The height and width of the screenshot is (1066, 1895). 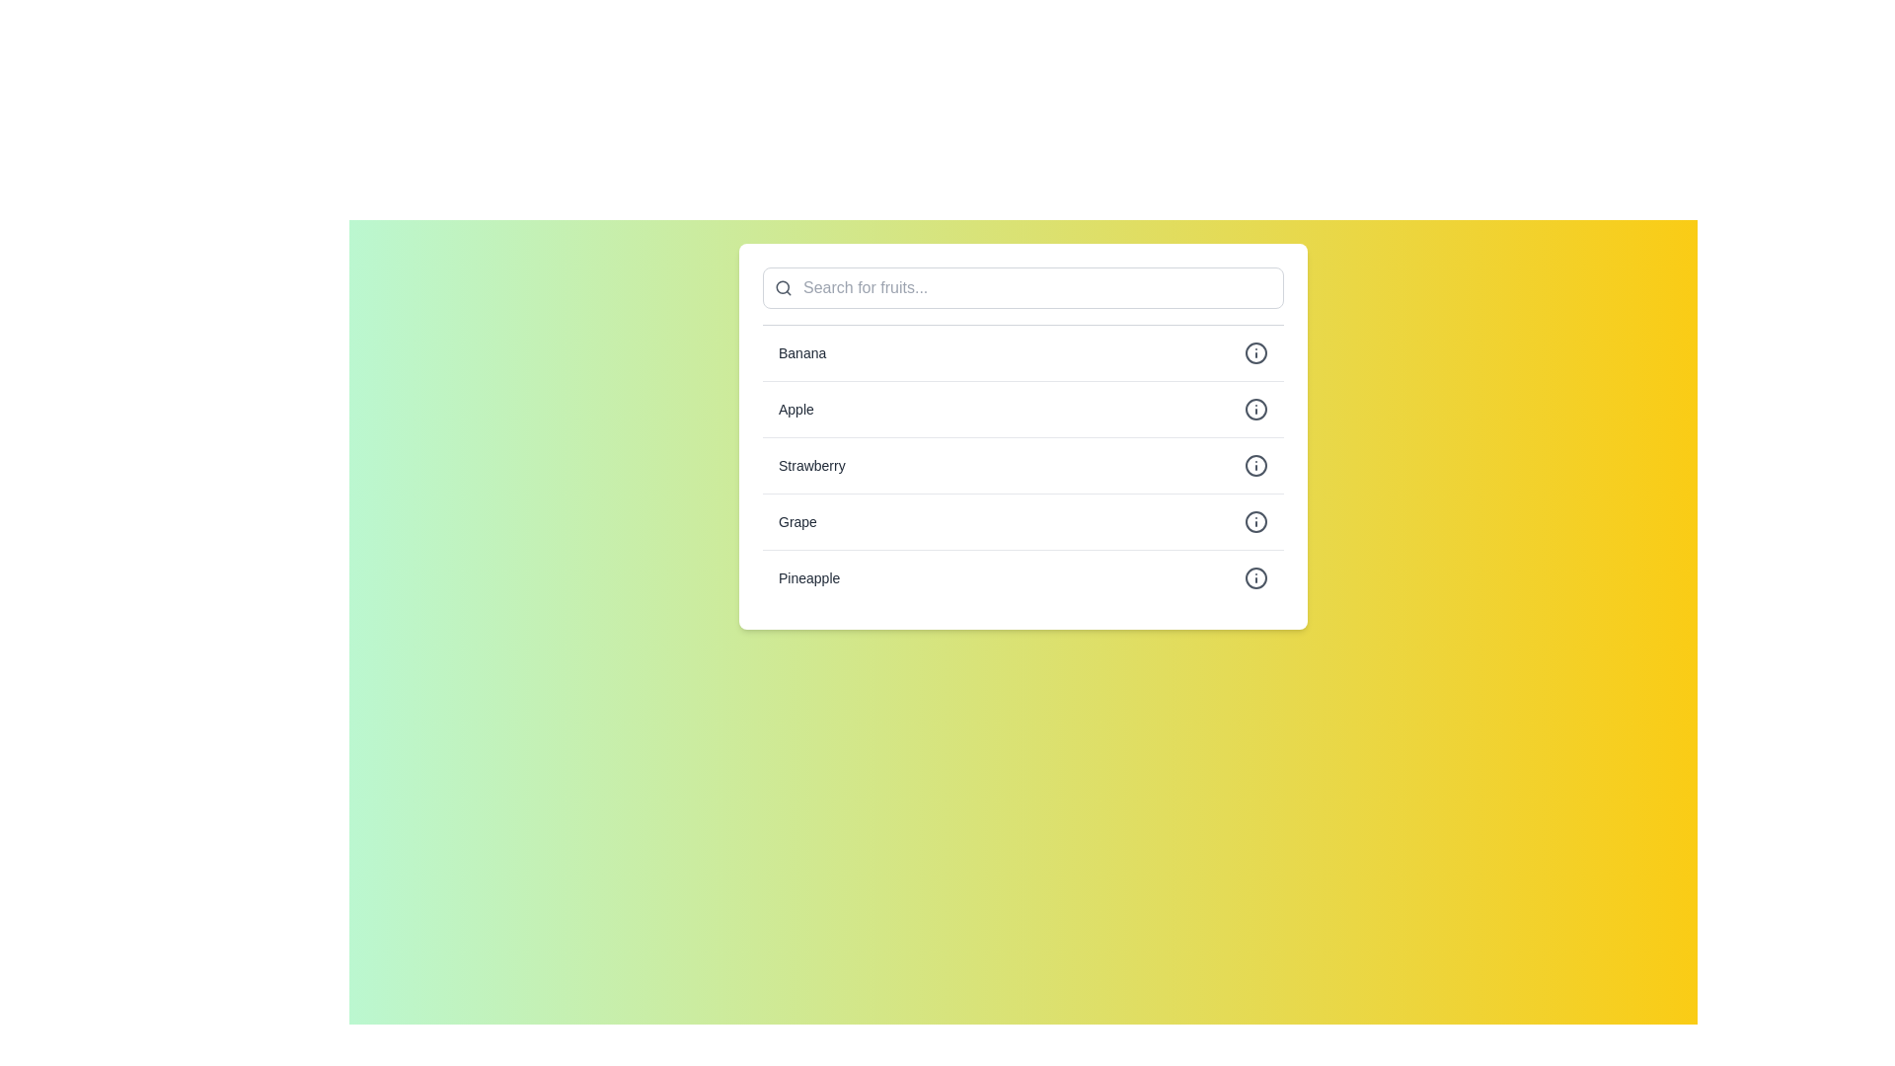 What do you see at coordinates (782, 288) in the screenshot?
I see `the small circular magnifying glass icon, which serves as a search indicator, located inside the search bar to the left of the placeholder text 'Search for fruits...'` at bounding box center [782, 288].